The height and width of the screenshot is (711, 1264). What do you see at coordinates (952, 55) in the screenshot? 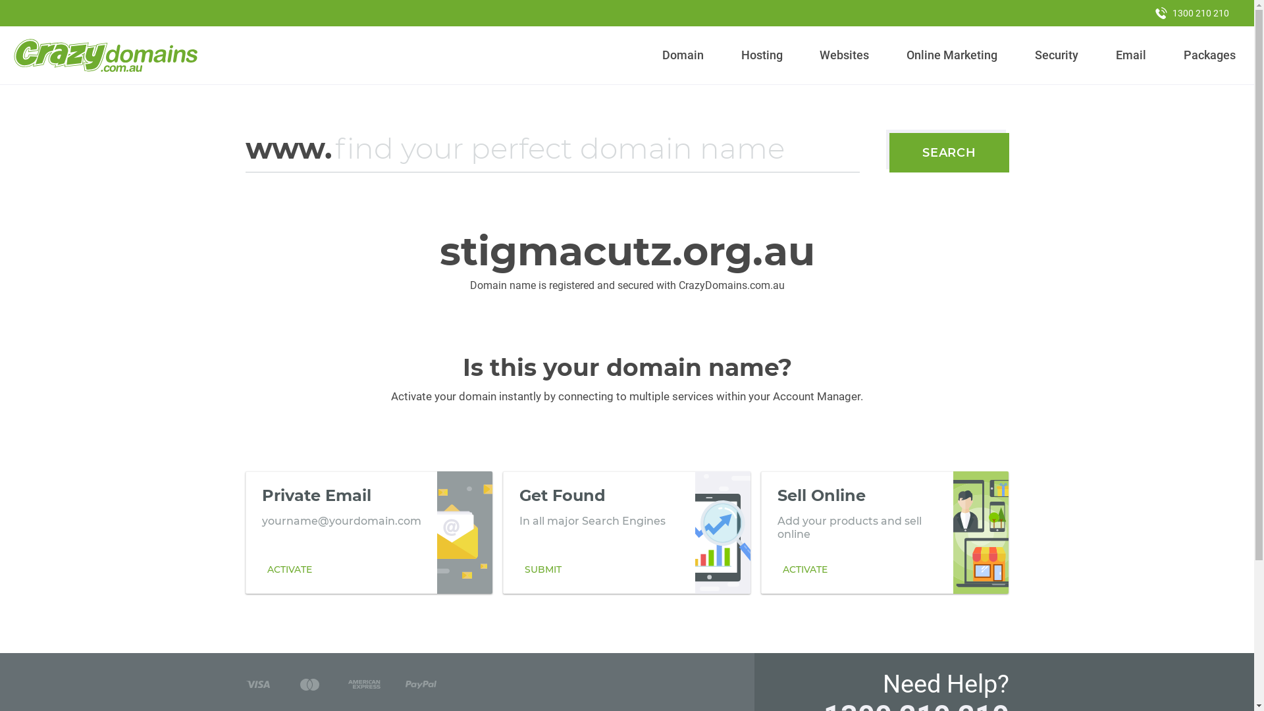
I see `'Online Marketing'` at bounding box center [952, 55].